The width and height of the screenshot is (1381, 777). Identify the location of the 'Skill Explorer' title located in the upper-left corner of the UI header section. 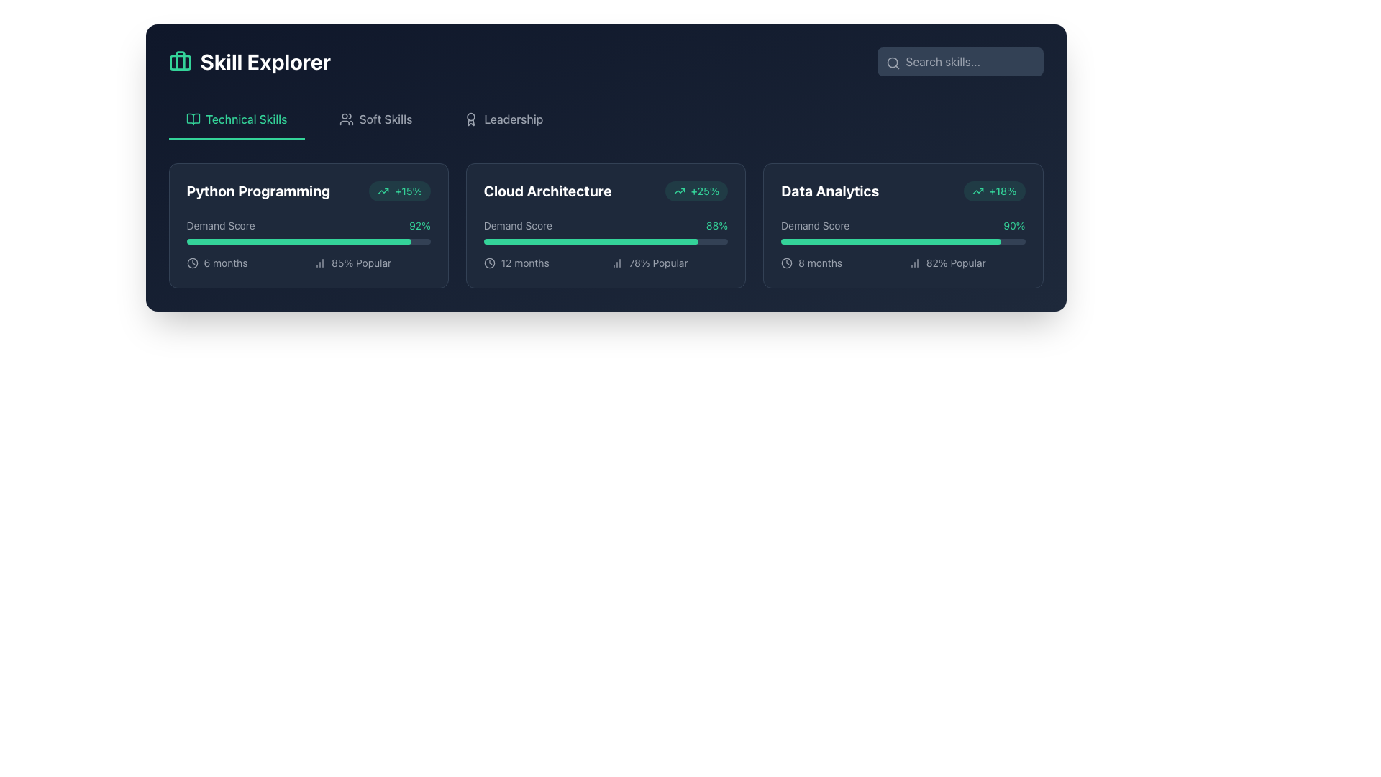
(250, 60).